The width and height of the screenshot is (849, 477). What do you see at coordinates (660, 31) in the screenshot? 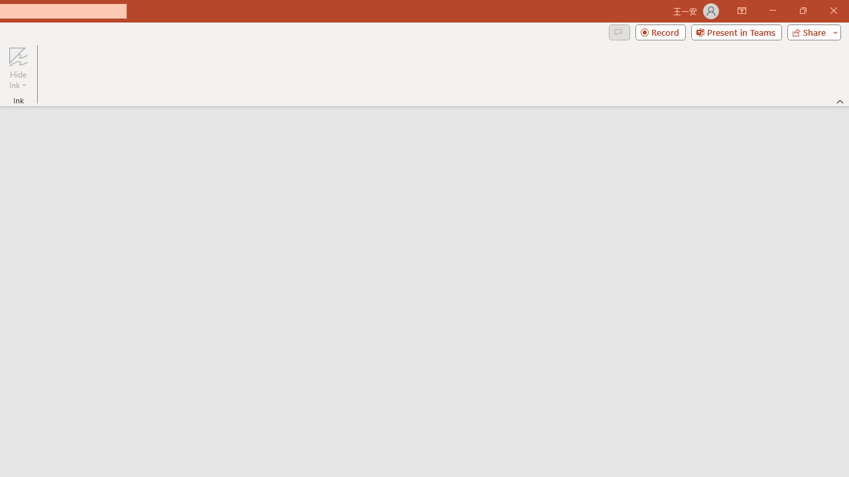
I see `'Record'` at bounding box center [660, 31].